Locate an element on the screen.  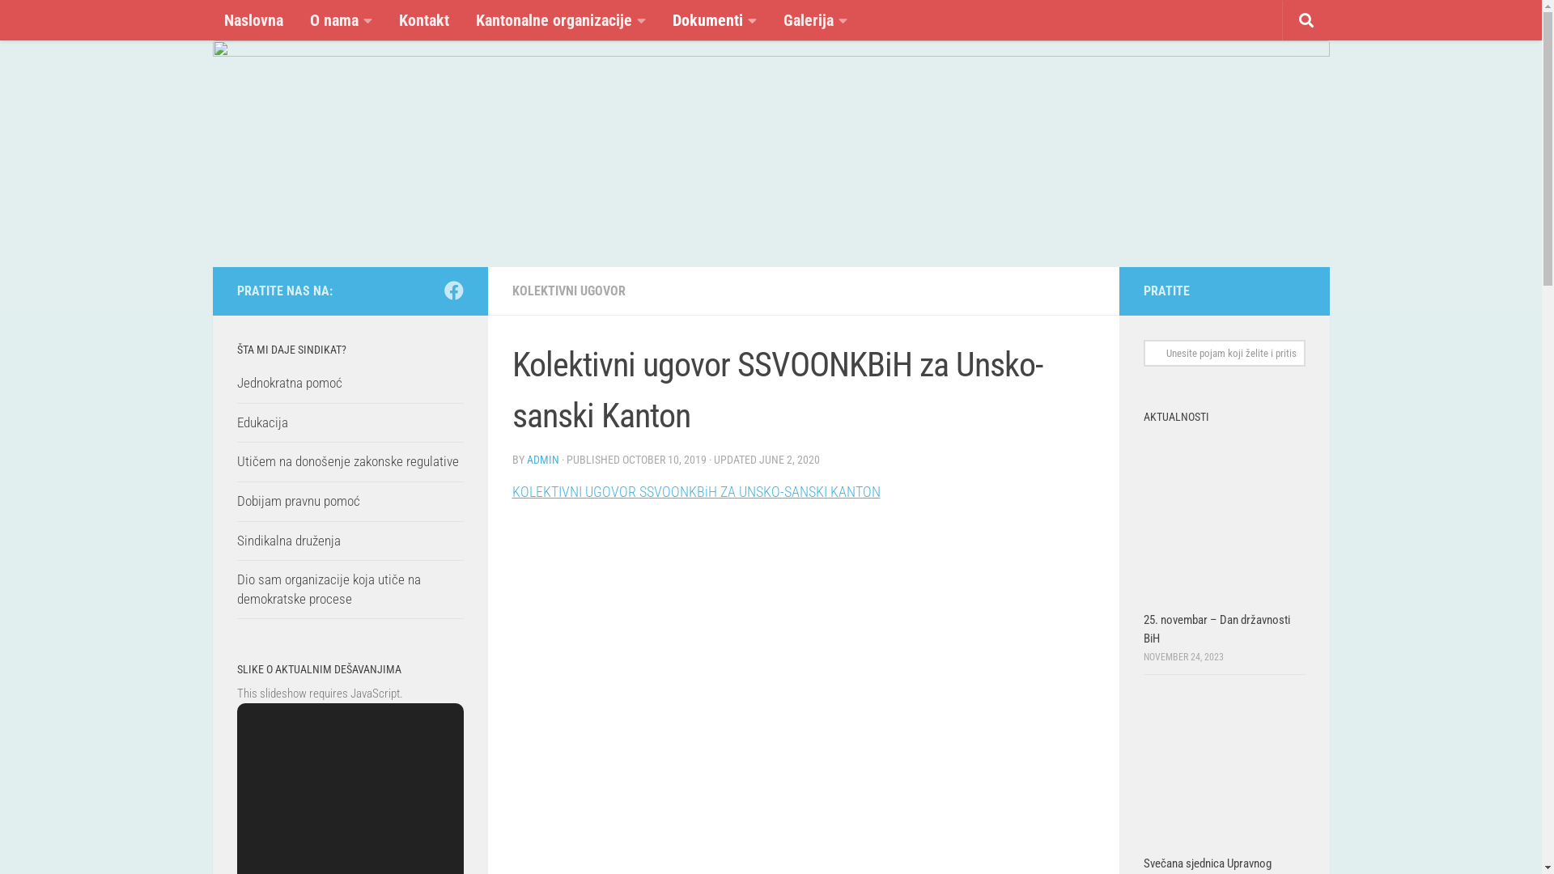
'Kantonalne organizacije' is located at coordinates (560, 20).